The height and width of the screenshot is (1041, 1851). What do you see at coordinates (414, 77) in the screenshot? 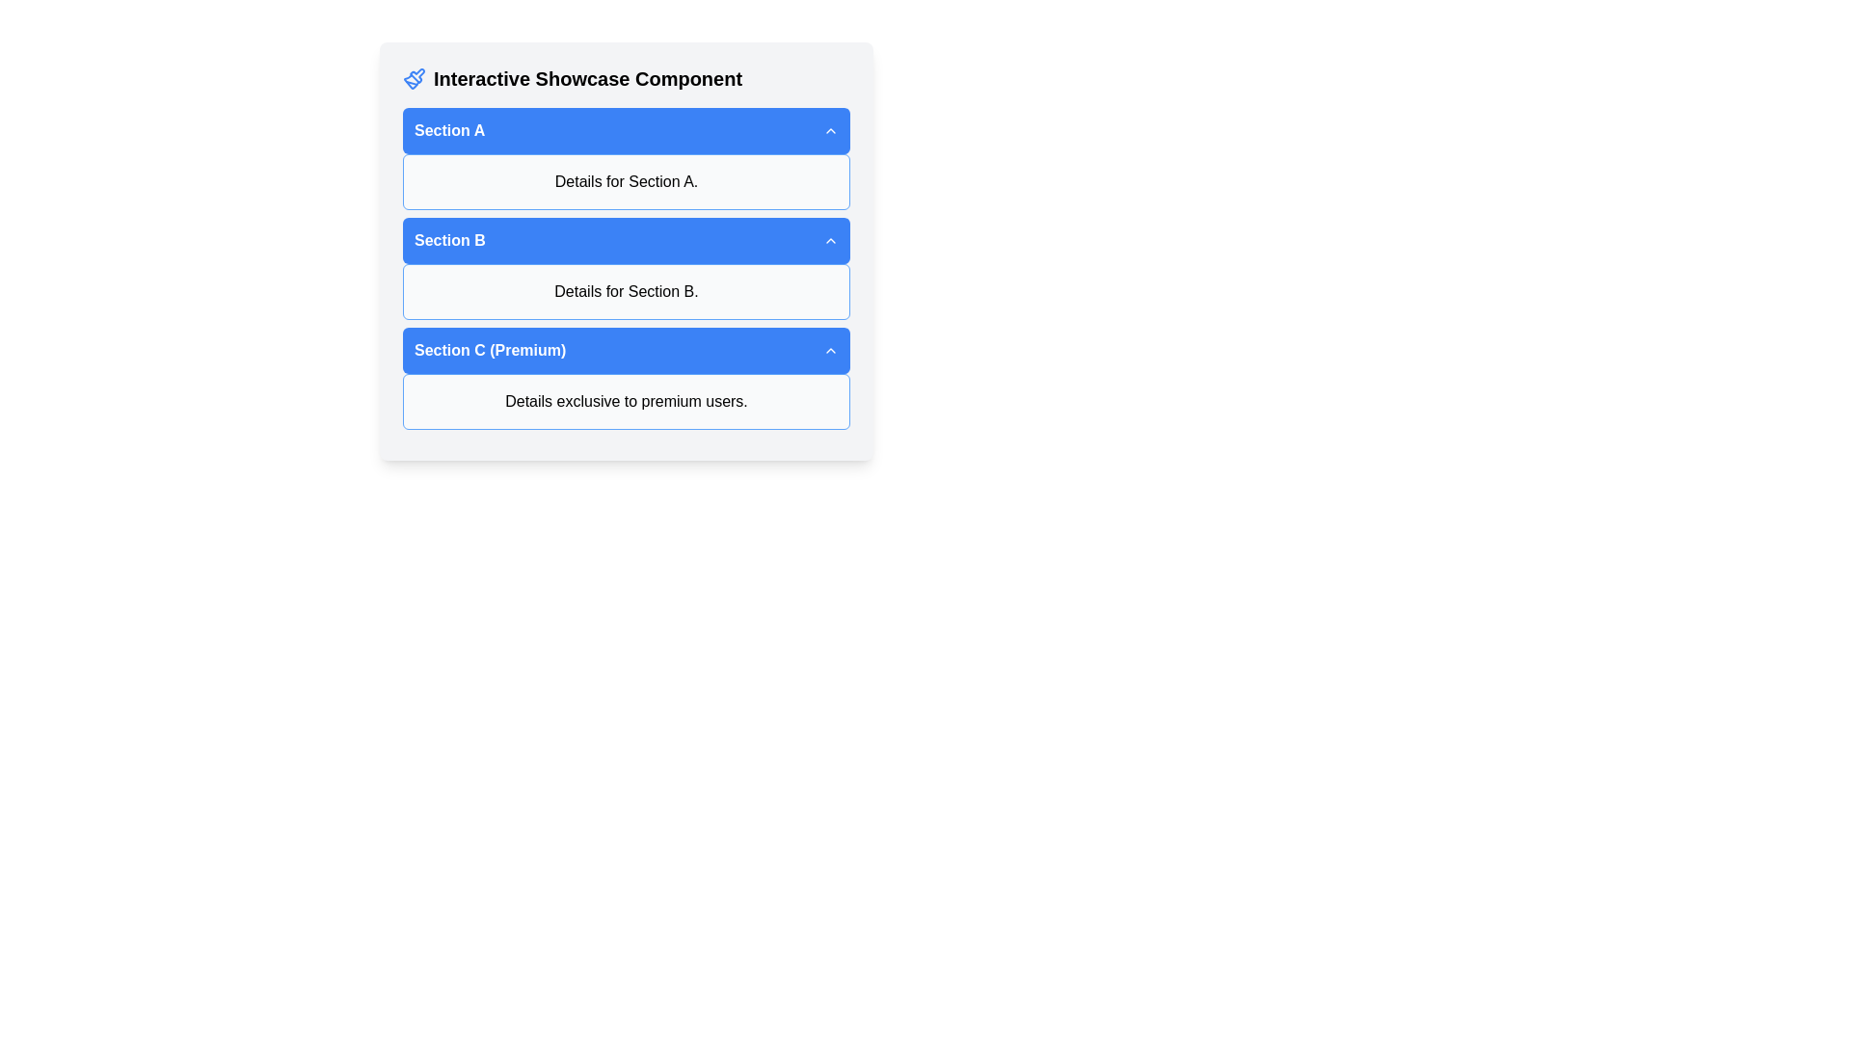
I see `the blue-colored paintbrush icon, which is positioned to the left of the text 'Interactive Showcase Component'` at bounding box center [414, 77].